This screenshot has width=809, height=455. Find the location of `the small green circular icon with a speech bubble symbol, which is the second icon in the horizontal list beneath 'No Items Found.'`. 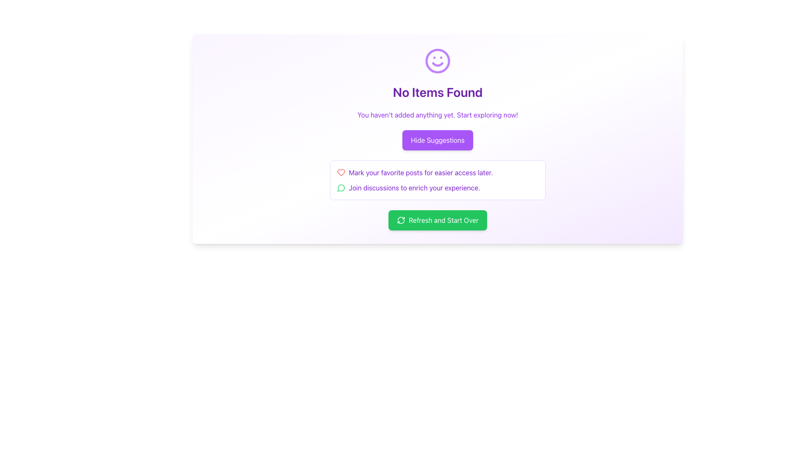

the small green circular icon with a speech bubble symbol, which is the second icon in the horizontal list beneath 'No Items Found.' is located at coordinates (341, 187).